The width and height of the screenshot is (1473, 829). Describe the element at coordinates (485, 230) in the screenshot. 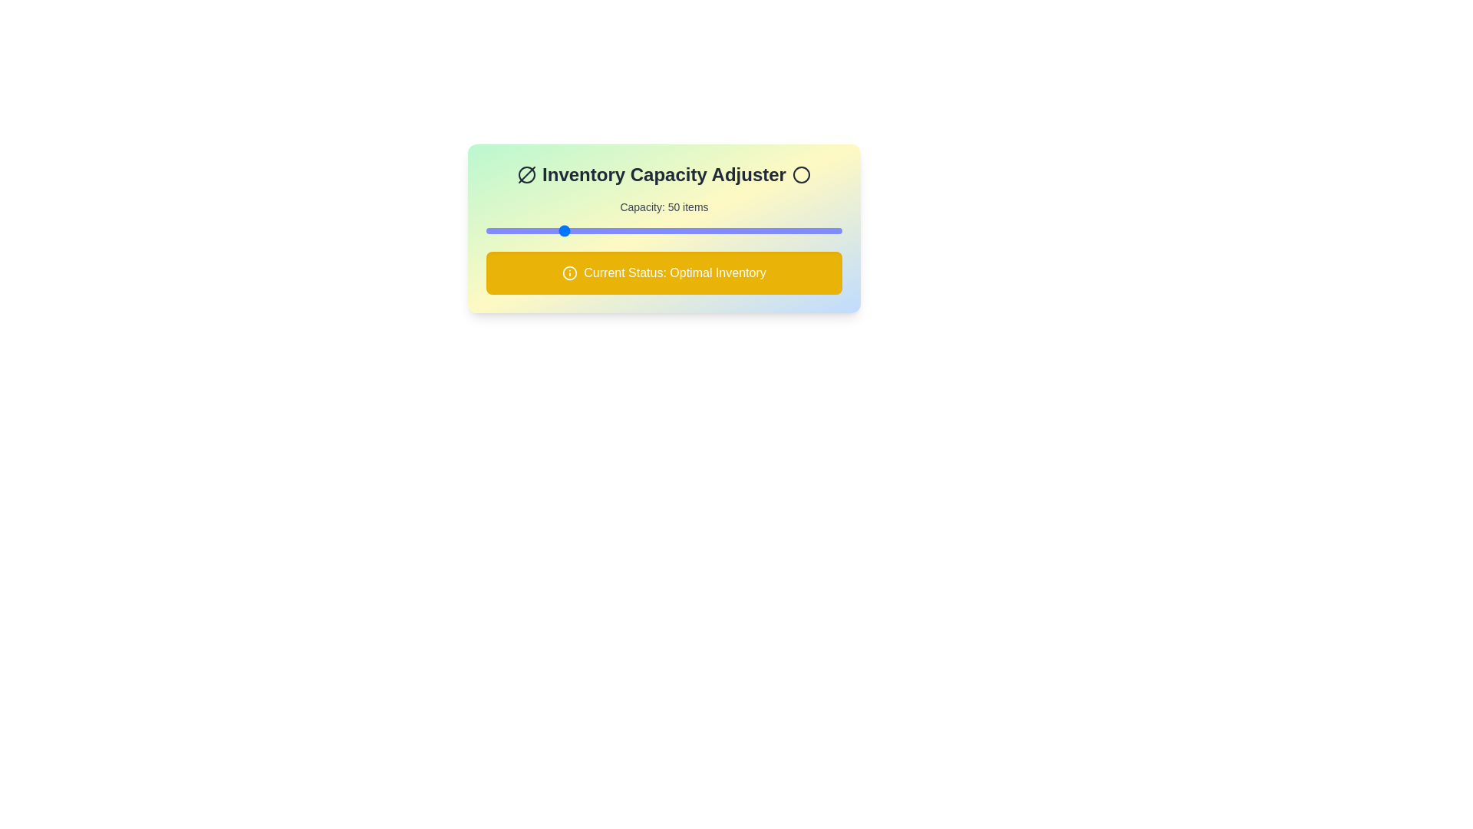

I see `the inventory capacity slider to 10 items` at that location.